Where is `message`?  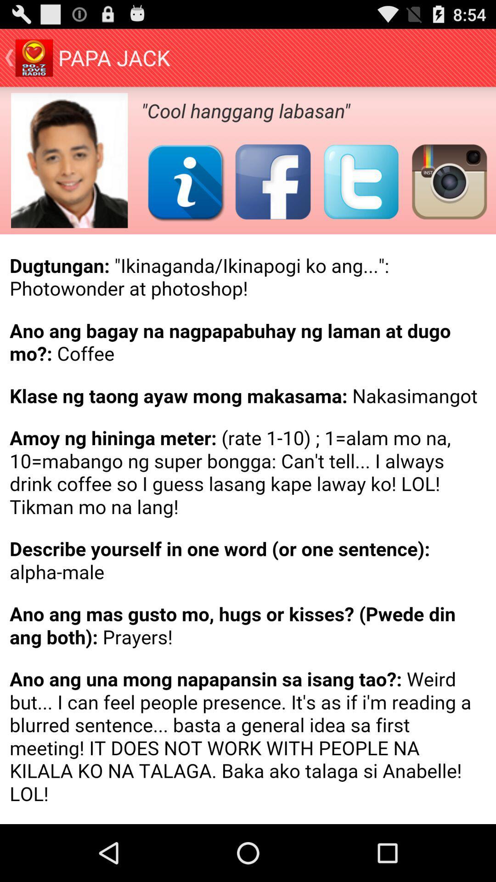
message is located at coordinates (248, 529).